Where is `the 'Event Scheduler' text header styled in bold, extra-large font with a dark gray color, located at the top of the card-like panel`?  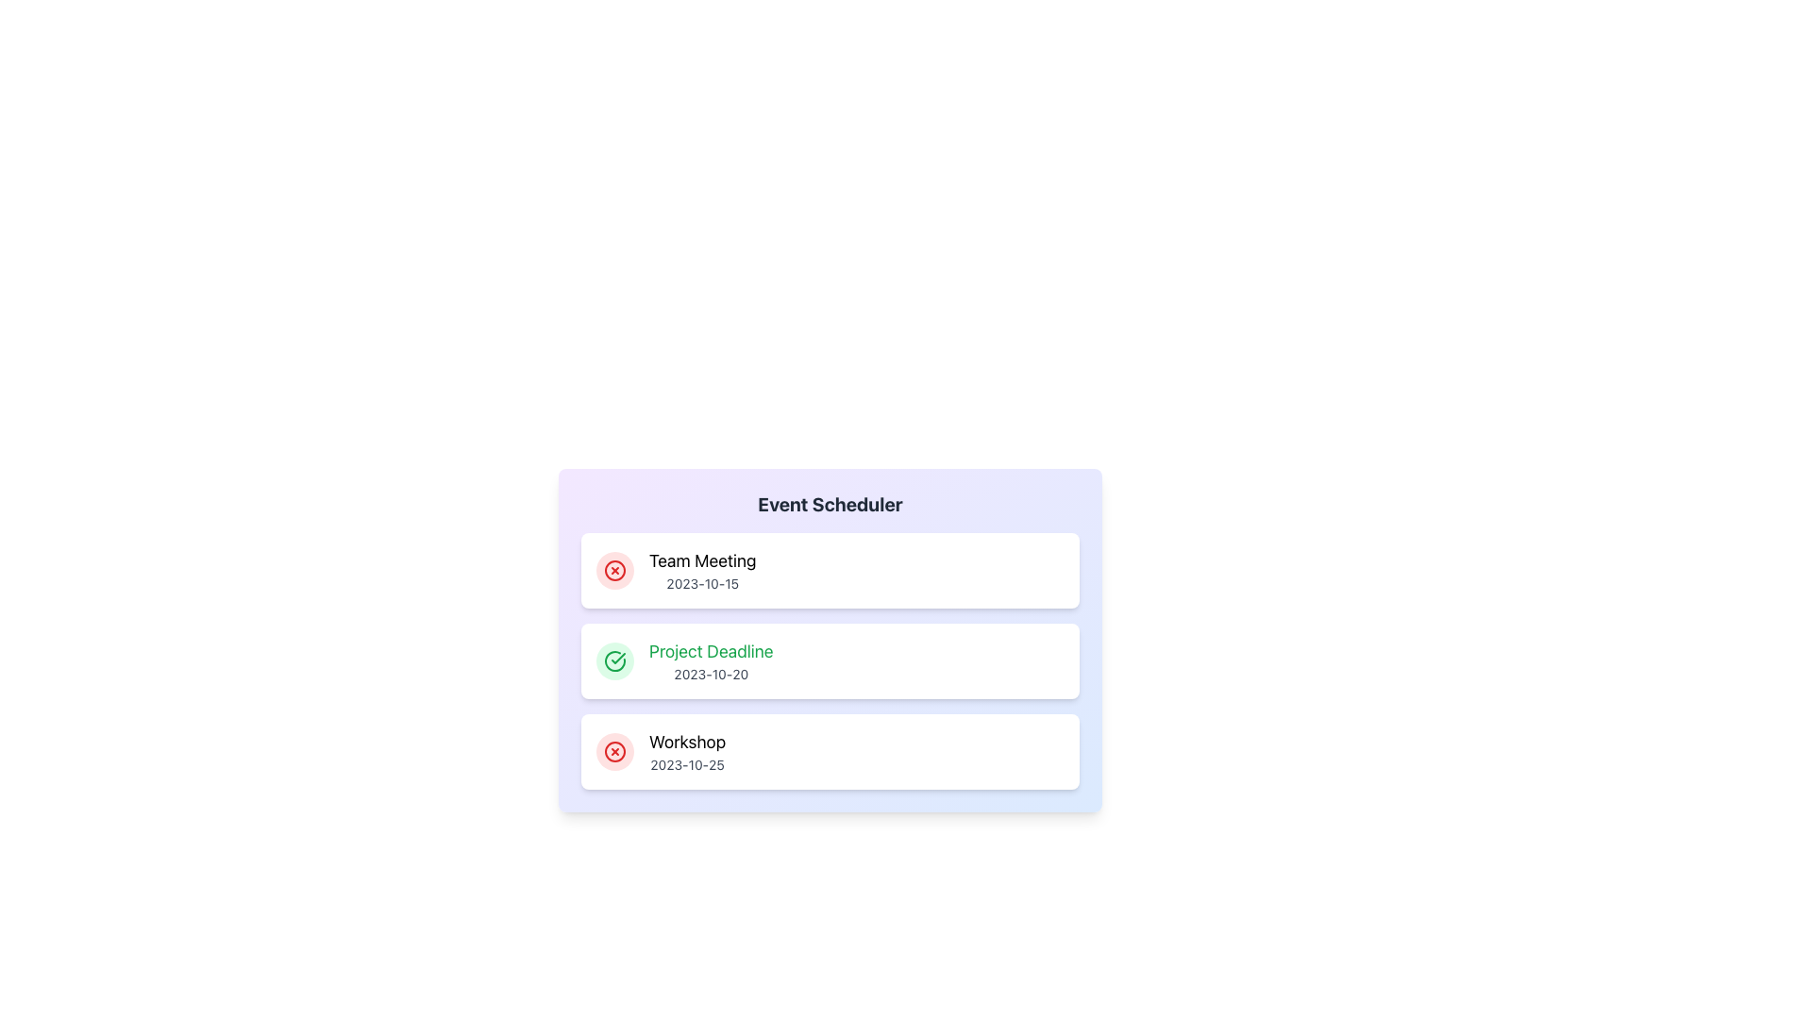
the 'Event Scheduler' text header styled in bold, extra-large font with a dark gray color, located at the top of the card-like panel is located at coordinates (830, 504).